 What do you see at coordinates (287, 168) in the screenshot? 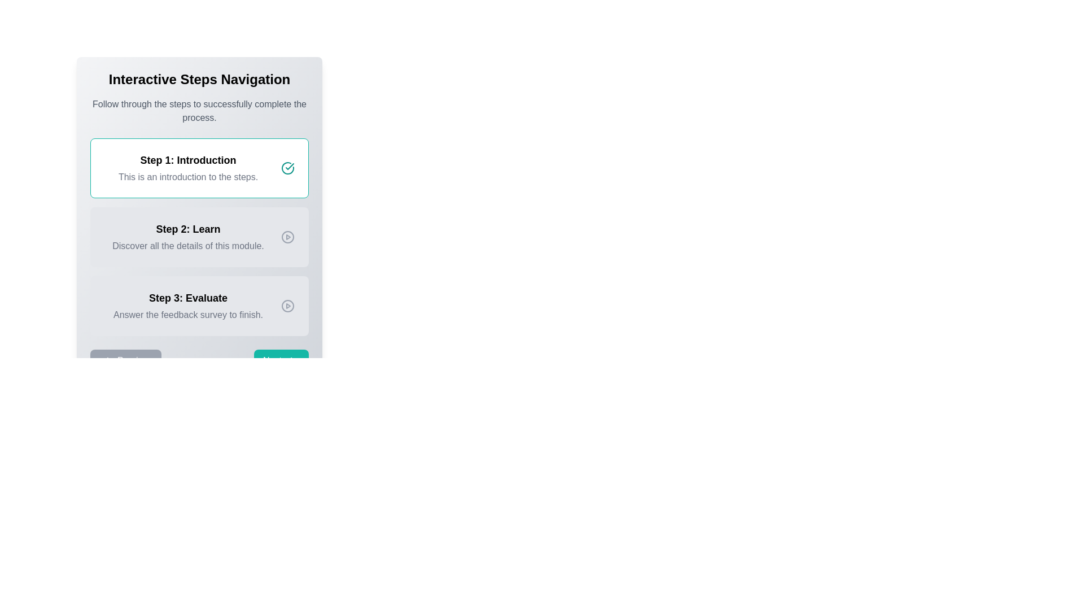
I see `the Circular Checkmark icon indicating the successful completion of 'Step 1: Introduction' located at the top-right corner of the card` at bounding box center [287, 168].